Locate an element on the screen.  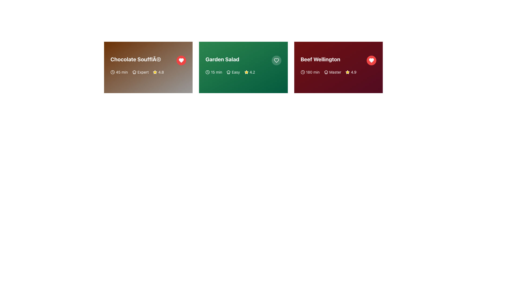
the text '45 min' which indicates the estimated time required for a specific task is located at coordinates (119, 72).